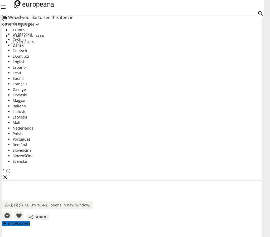 This screenshot has width=270, height=237. Describe the element at coordinates (19, 39) in the screenshot. I see `'Čeština'` at that location.